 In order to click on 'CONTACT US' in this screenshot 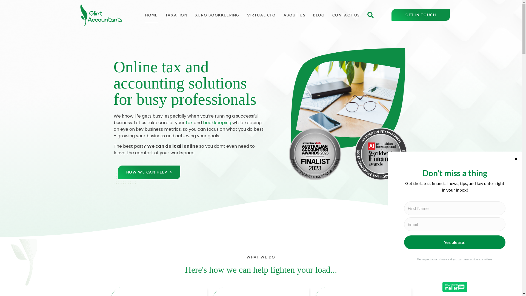, I will do `click(346, 15)`.